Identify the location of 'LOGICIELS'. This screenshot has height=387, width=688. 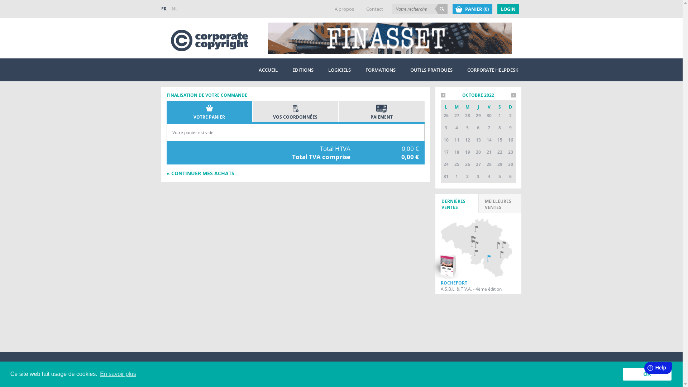
(324, 70).